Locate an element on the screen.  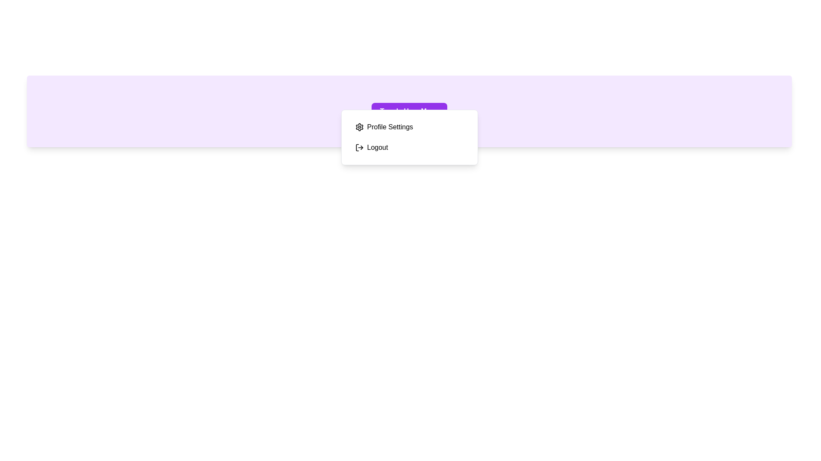
the 'Profile Settings' option in the UserMenu is located at coordinates (409, 127).